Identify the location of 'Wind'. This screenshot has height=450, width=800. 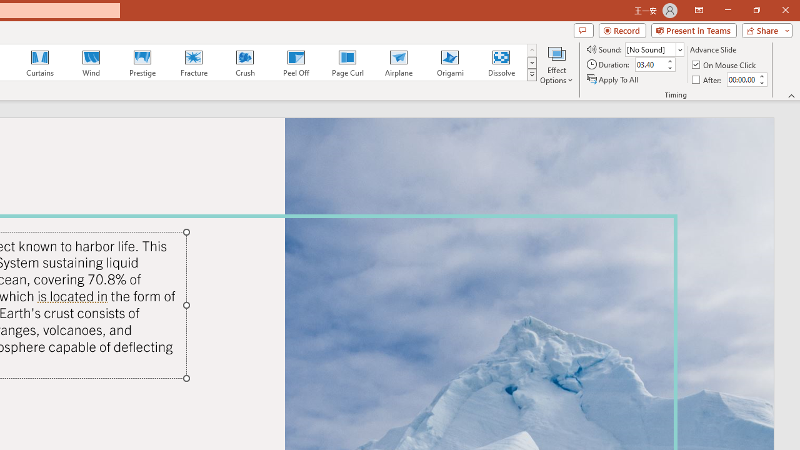
(90, 62).